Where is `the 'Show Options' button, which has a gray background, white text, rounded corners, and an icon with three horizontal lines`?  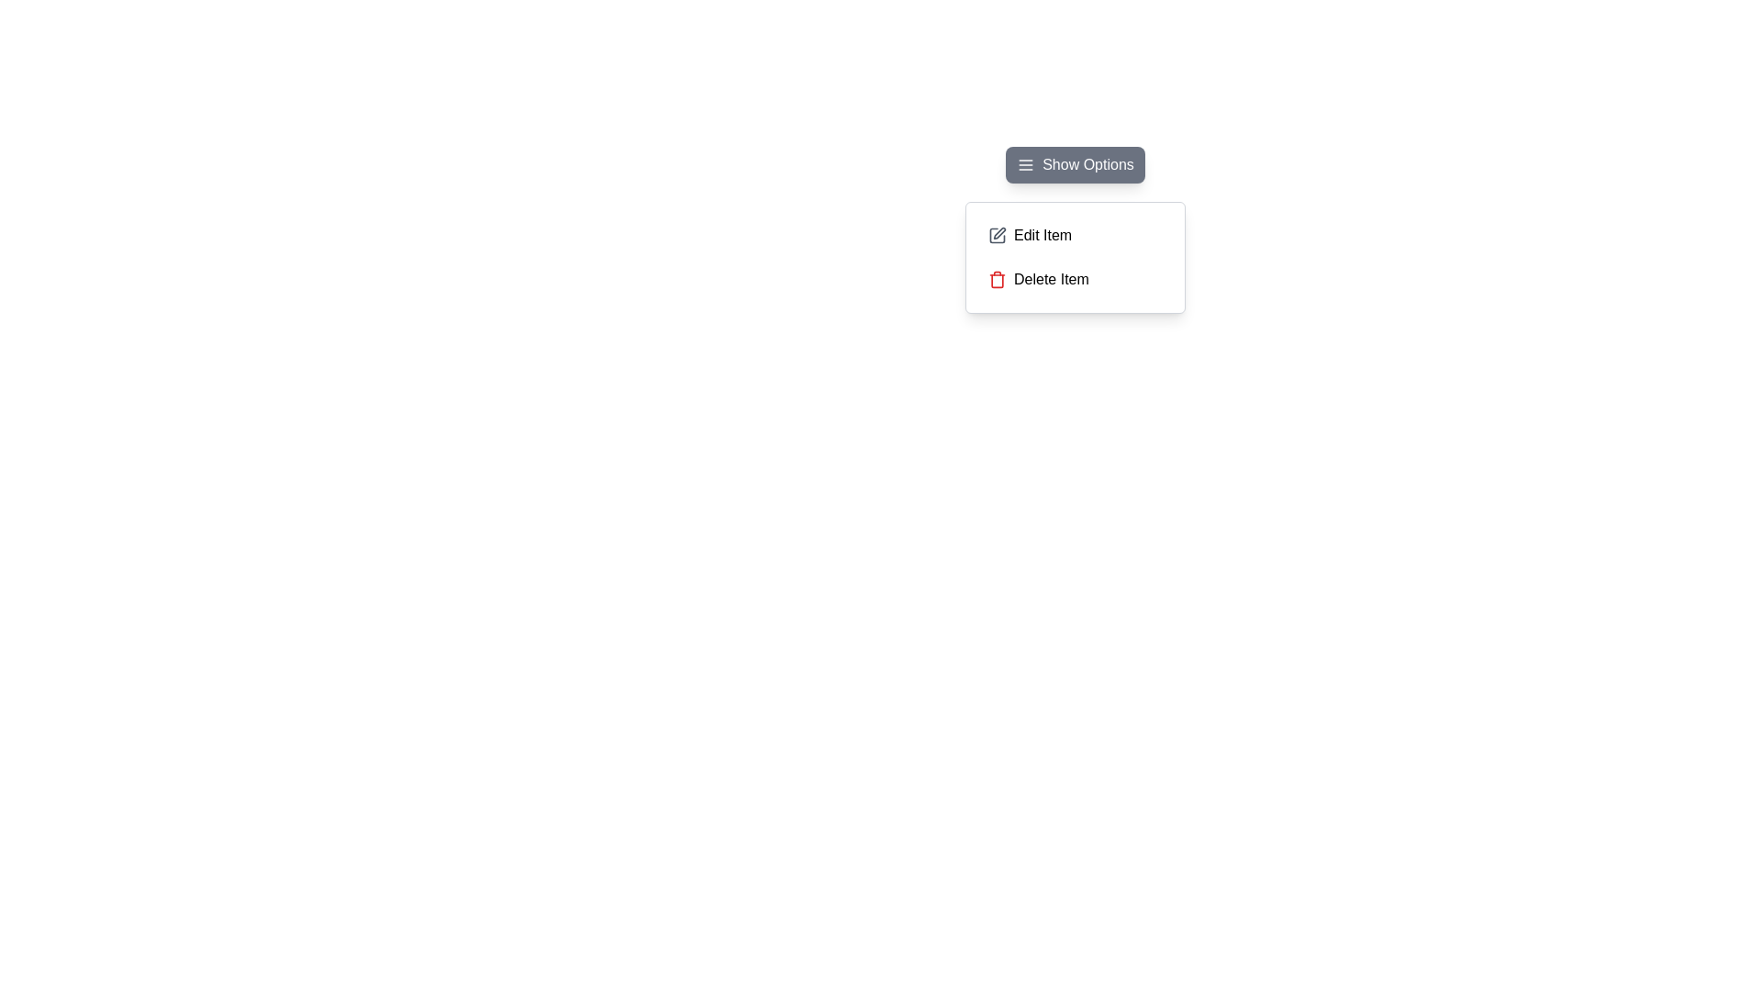 the 'Show Options' button, which has a gray background, white text, rounded corners, and an icon with three horizontal lines is located at coordinates (1075, 165).